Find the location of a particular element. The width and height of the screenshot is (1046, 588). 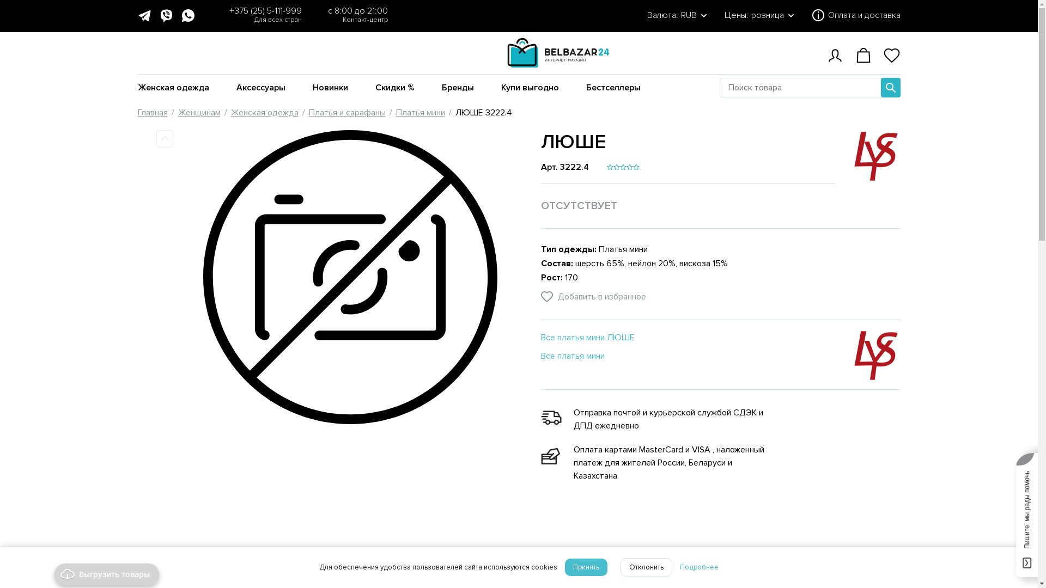

'+375 (25) 5-111-999' is located at coordinates (265, 10).